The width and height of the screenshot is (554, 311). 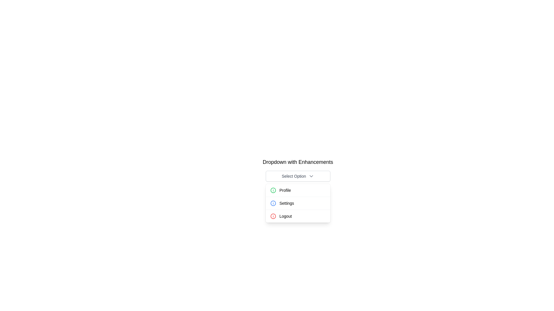 What do you see at coordinates (311, 176) in the screenshot?
I see `the downward-facing gray chevron icon located at the right side of the 'Select Option' button` at bounding box center [311, 176].